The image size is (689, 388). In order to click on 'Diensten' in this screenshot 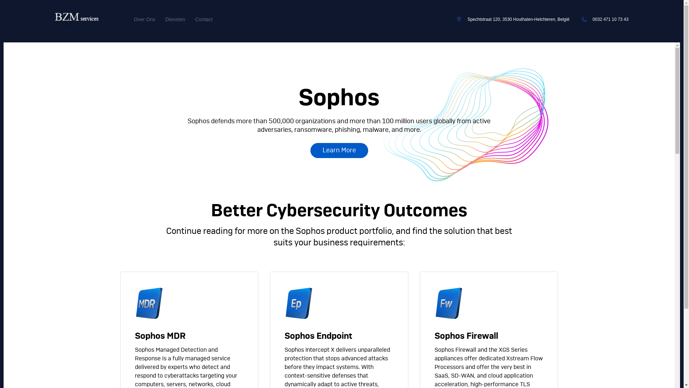, I will do `click(175, 19)`.